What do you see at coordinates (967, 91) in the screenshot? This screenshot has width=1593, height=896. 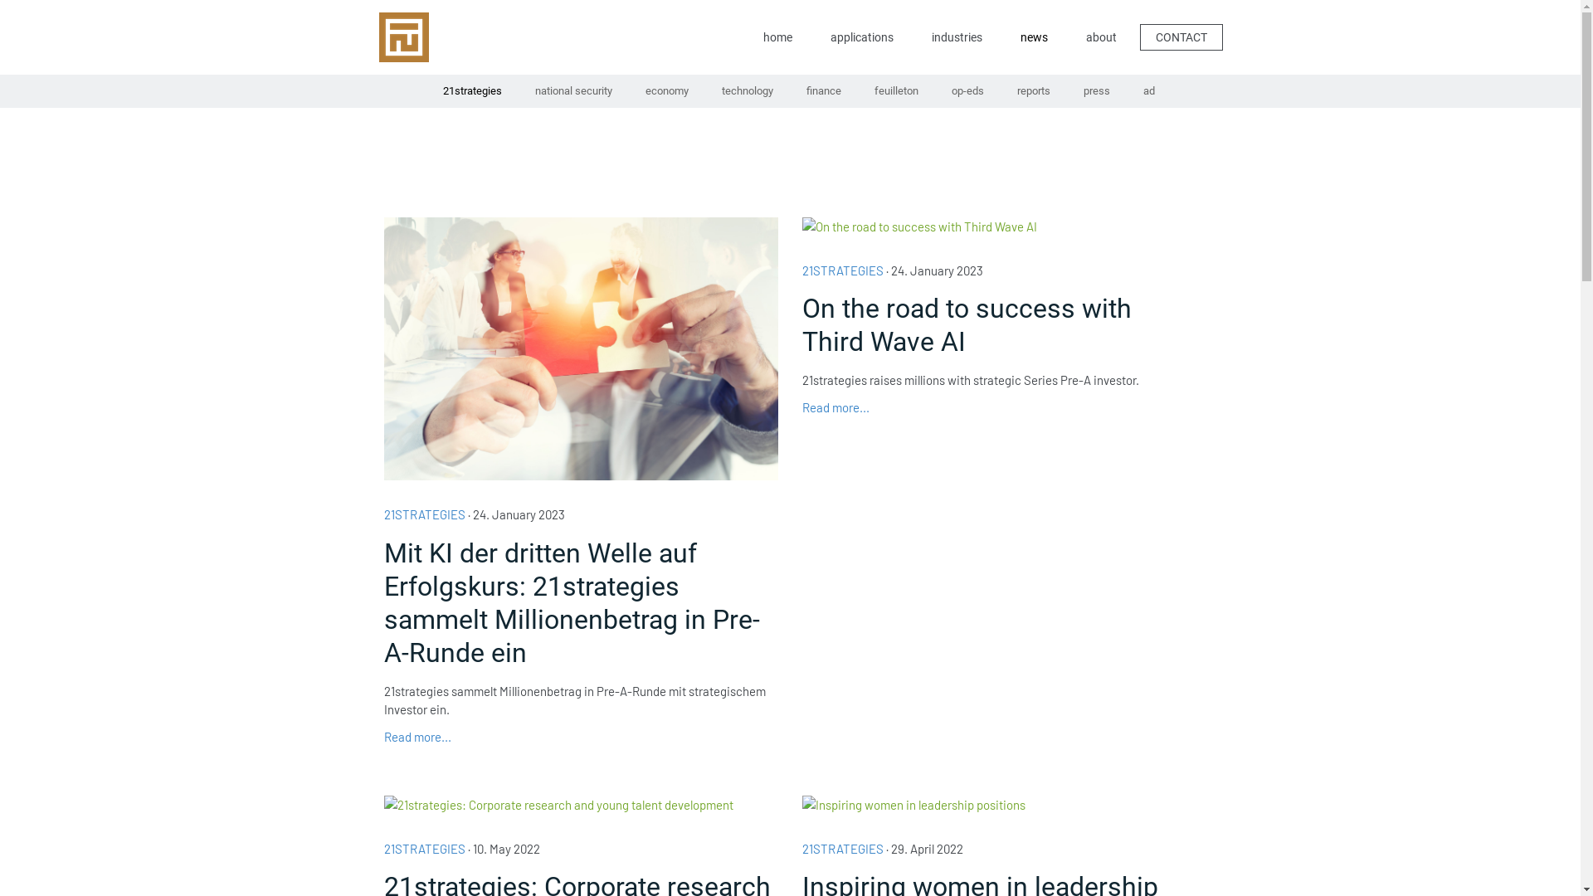 I see `'op-eds'` at bounding box center [967, 91].